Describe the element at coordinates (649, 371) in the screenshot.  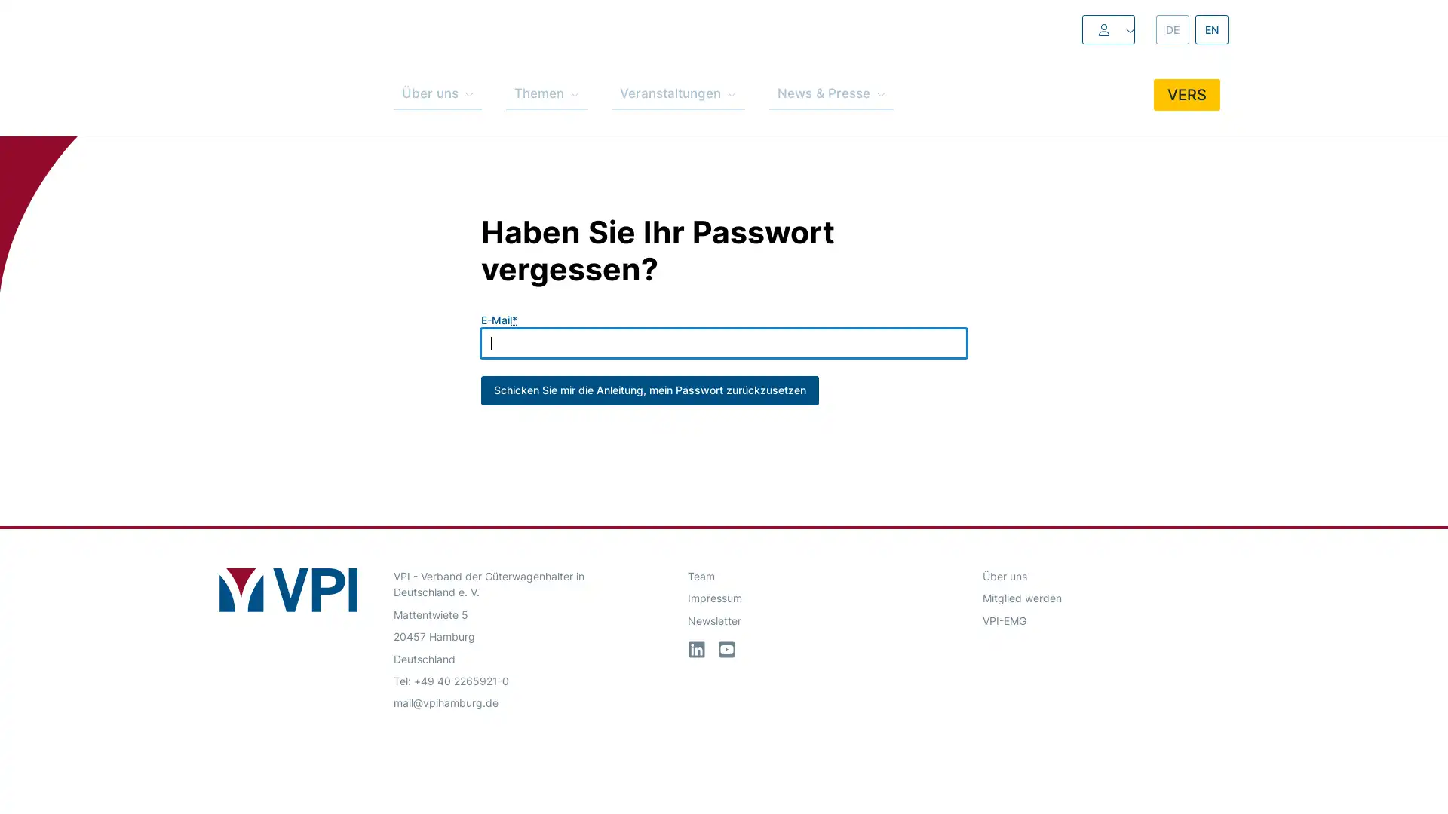
I see `Schicken Sie mir die Anleitung, mein Passwort zuruckzusetzen` at that location.